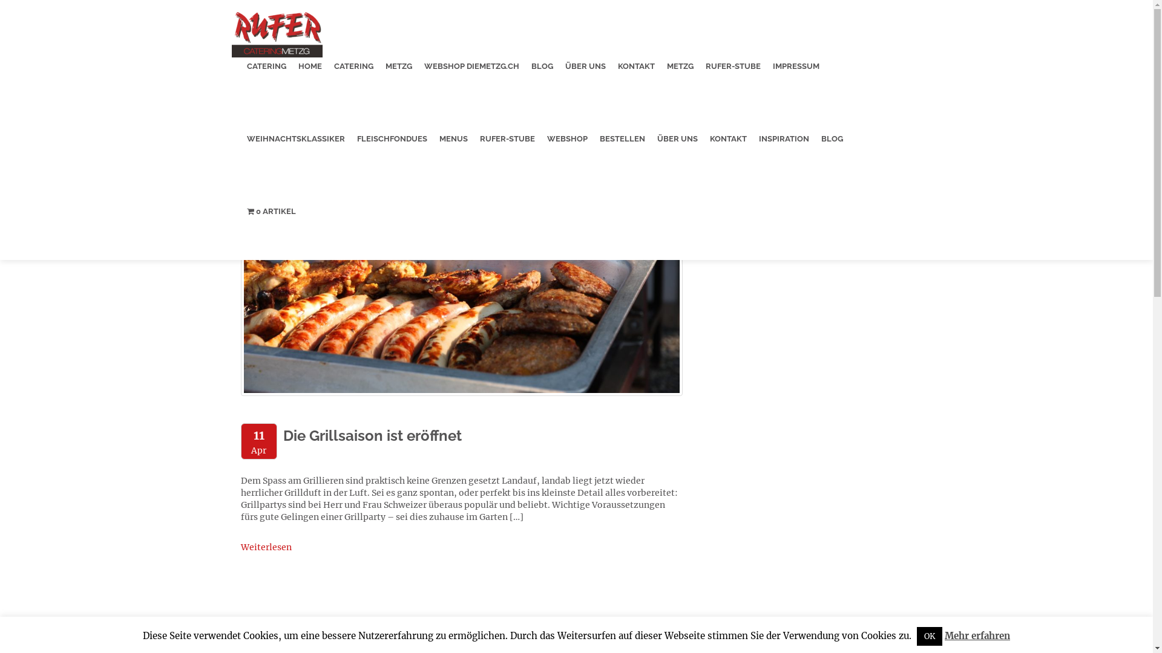 Image resolution: width=1162 pixels, height=653 pixels. Describe the element at coordinates (453, 138) in the screenshot. I see `'MENUS'` at that location.